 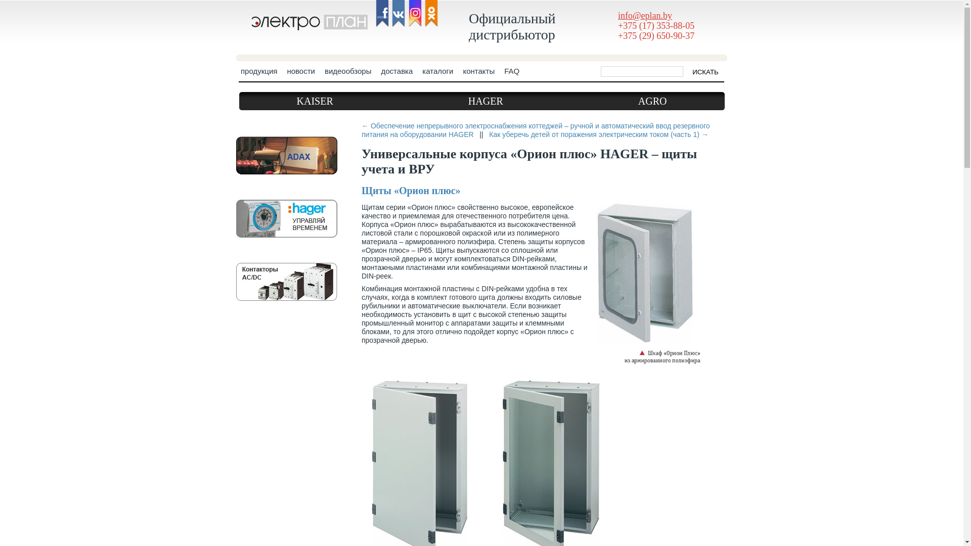 I want to click on 'FAQ', so click(x=512, y=73).